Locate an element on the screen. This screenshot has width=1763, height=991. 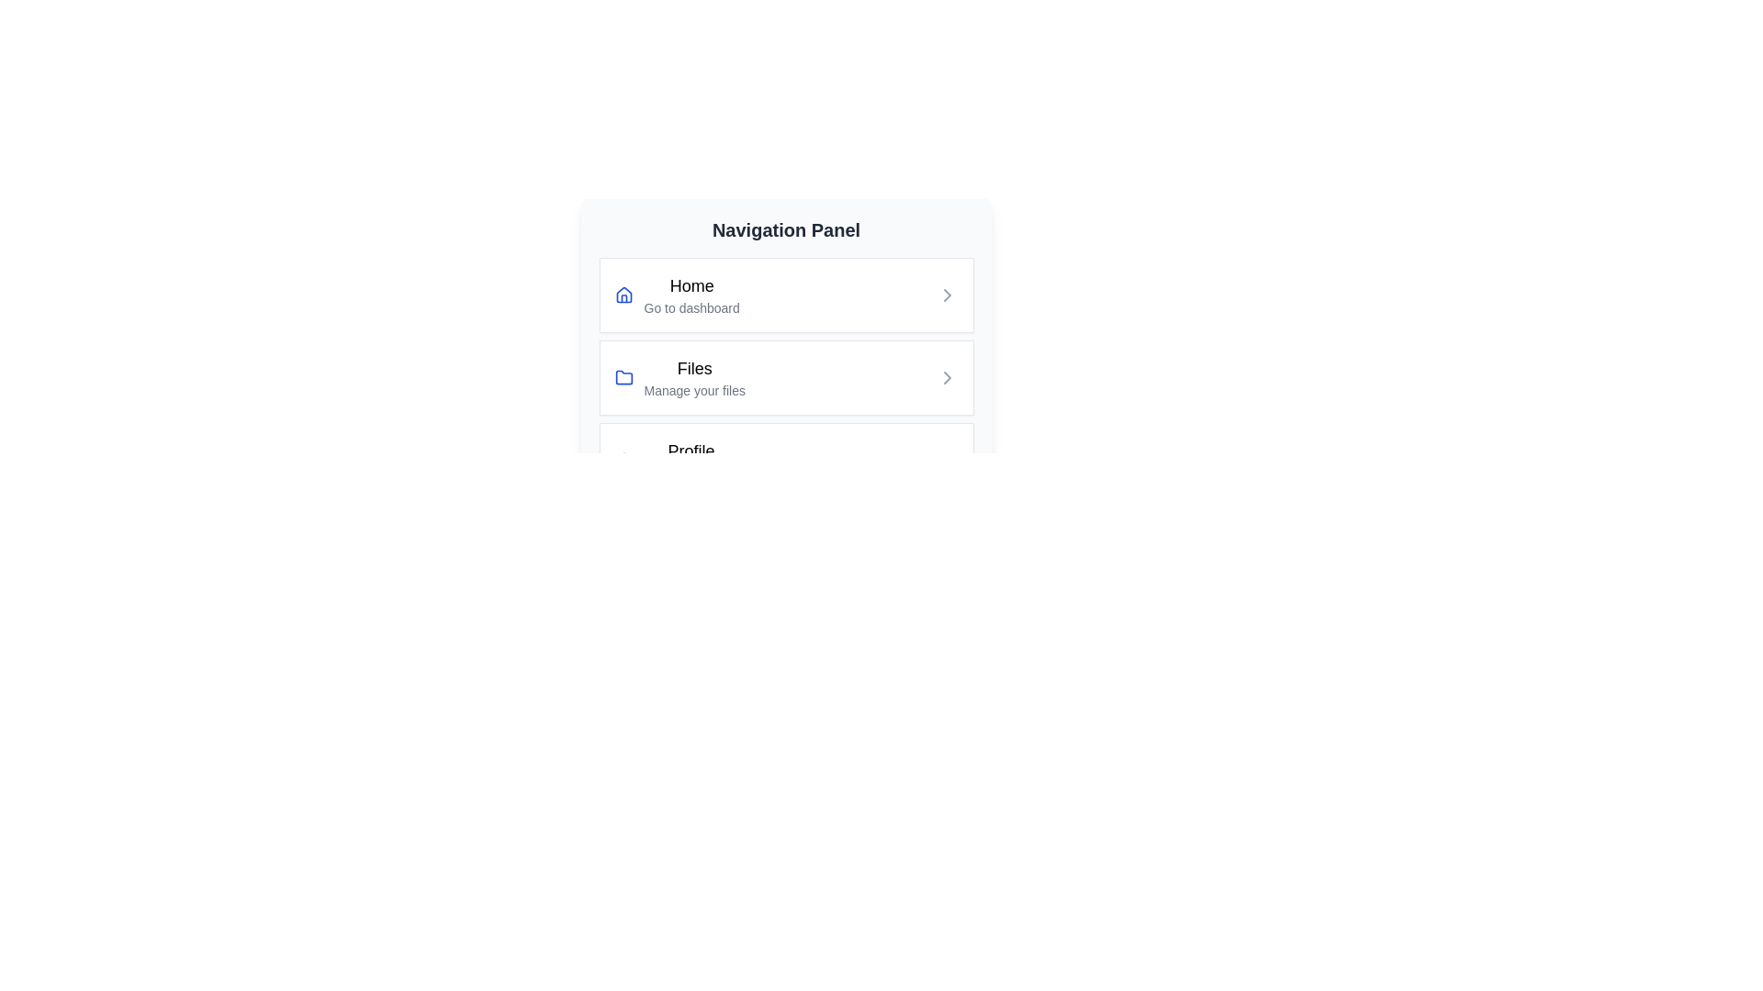
text label that says 'Manage your files', which is styled in light gray and located below the 'Files' heading in the navigation panel is located at coordinates (693, 389).